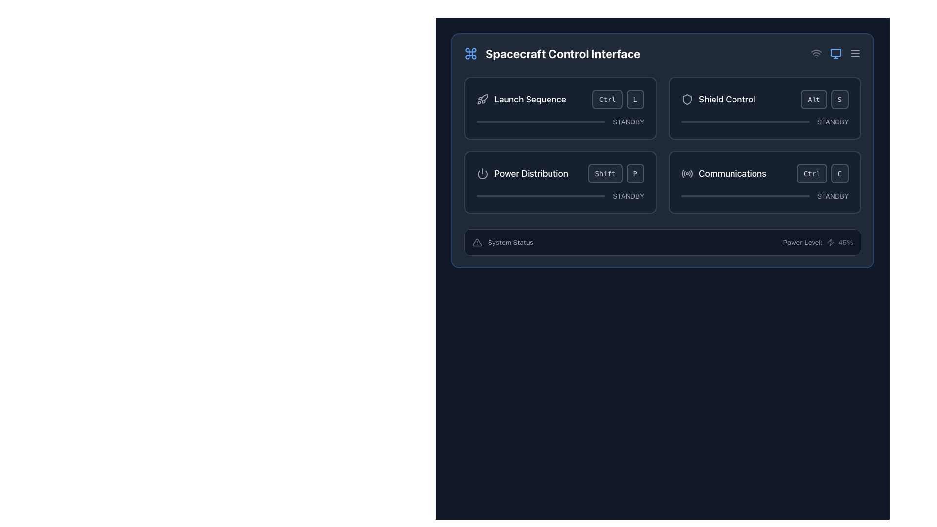  What do you see at coordinates (686, 173) in the screenshot?
I see `the decorative or status icon in the 'Communications' section located at the bottom-right quadrant of the interface, positioned to the left of the 'Communications' text` at bounding box center [686, 173].